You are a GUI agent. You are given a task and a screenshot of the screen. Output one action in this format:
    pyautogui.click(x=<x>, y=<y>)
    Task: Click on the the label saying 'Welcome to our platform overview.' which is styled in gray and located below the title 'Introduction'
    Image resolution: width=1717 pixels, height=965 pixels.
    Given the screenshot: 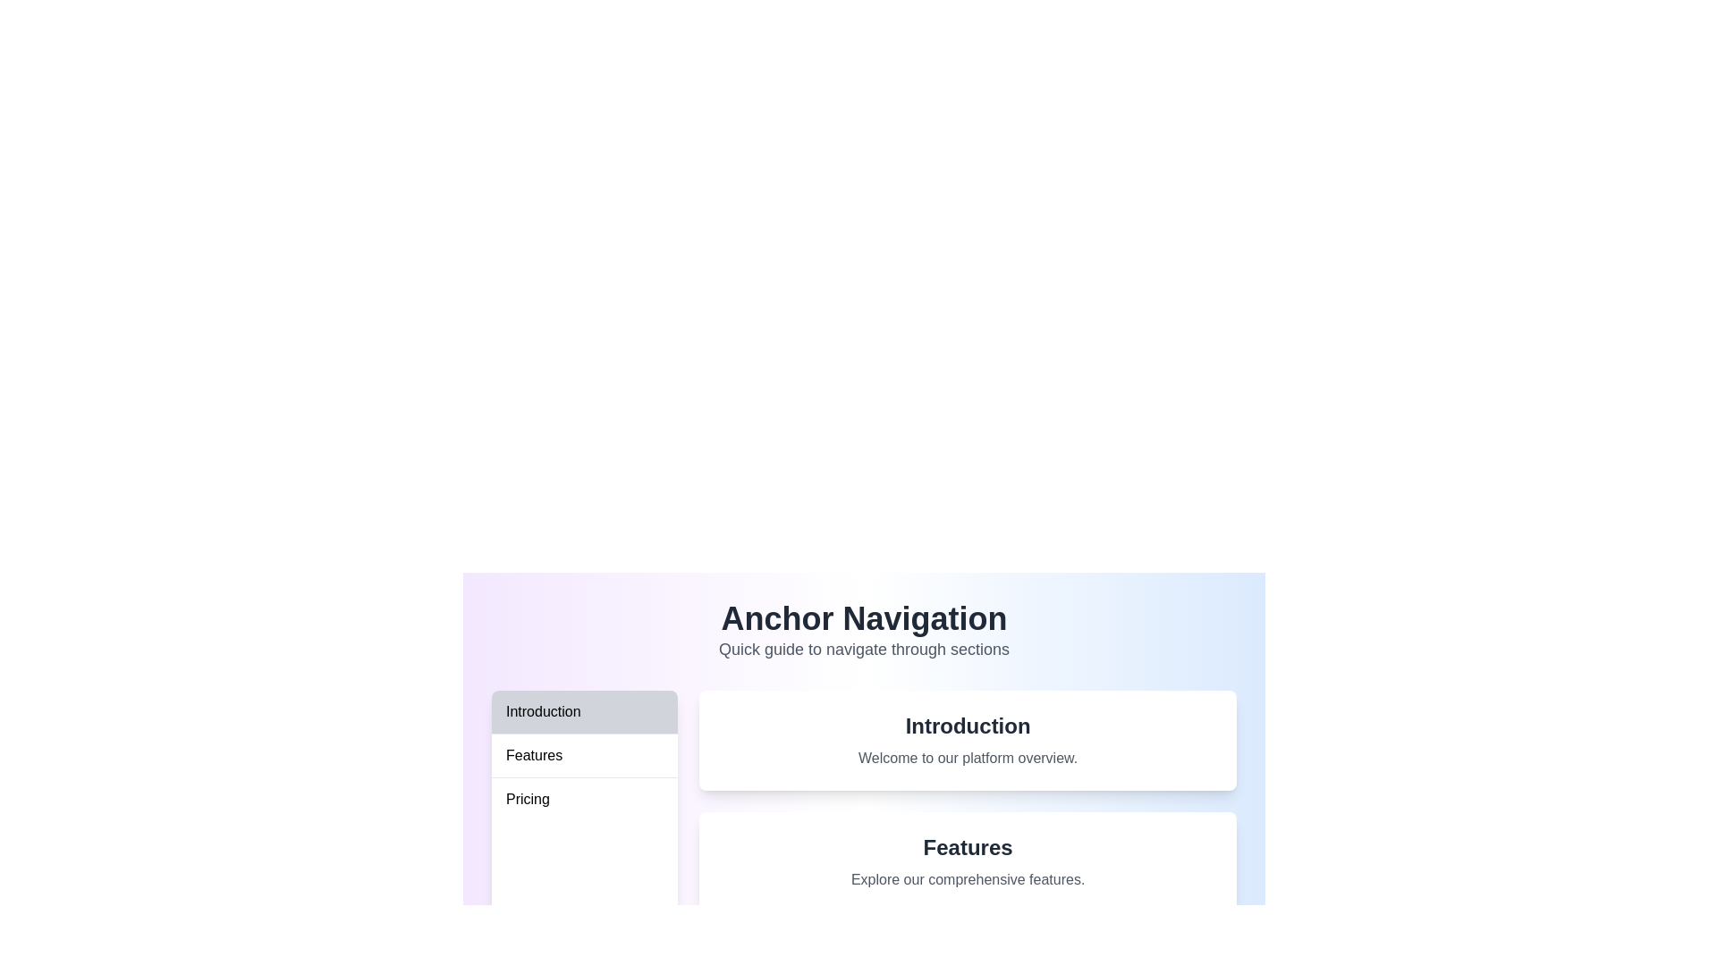 What is the action you would take?
    pyautogui.click(x=967, y=758)
    